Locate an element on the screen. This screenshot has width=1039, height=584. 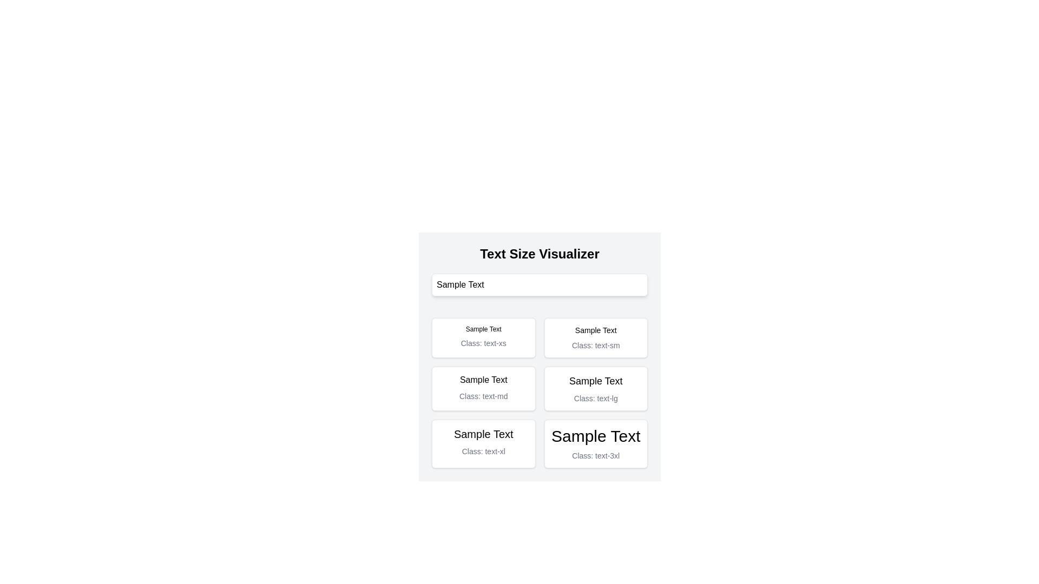
text label that displays 'Class: text-3xl', which is styled in a small, gray font and positioned below the 'Sample Text' heading is located at coordinates (595, 456).